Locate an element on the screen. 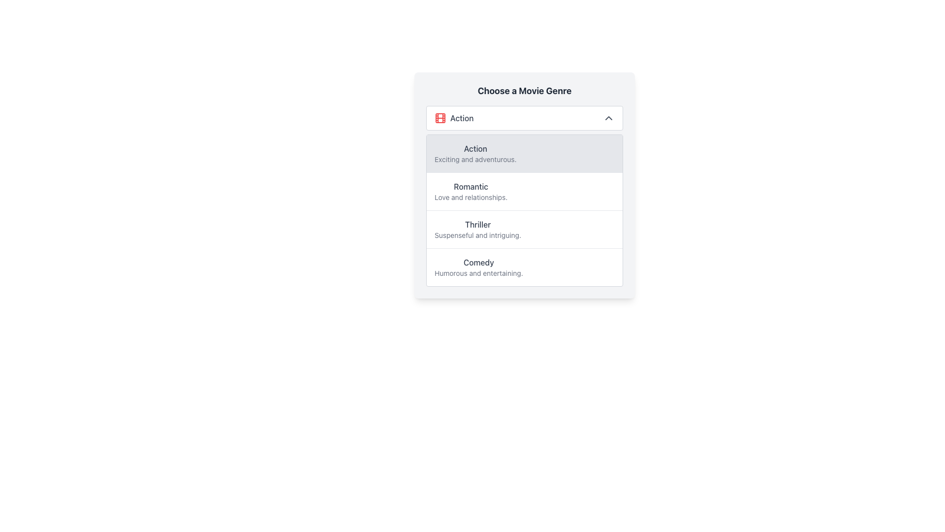 The width and height of the screenshot is (945, 532). the text label 'Romantic' which is styled in medium-weight font and dark gray color, located in the second section of movie genres is located at coordinates (471, 186).